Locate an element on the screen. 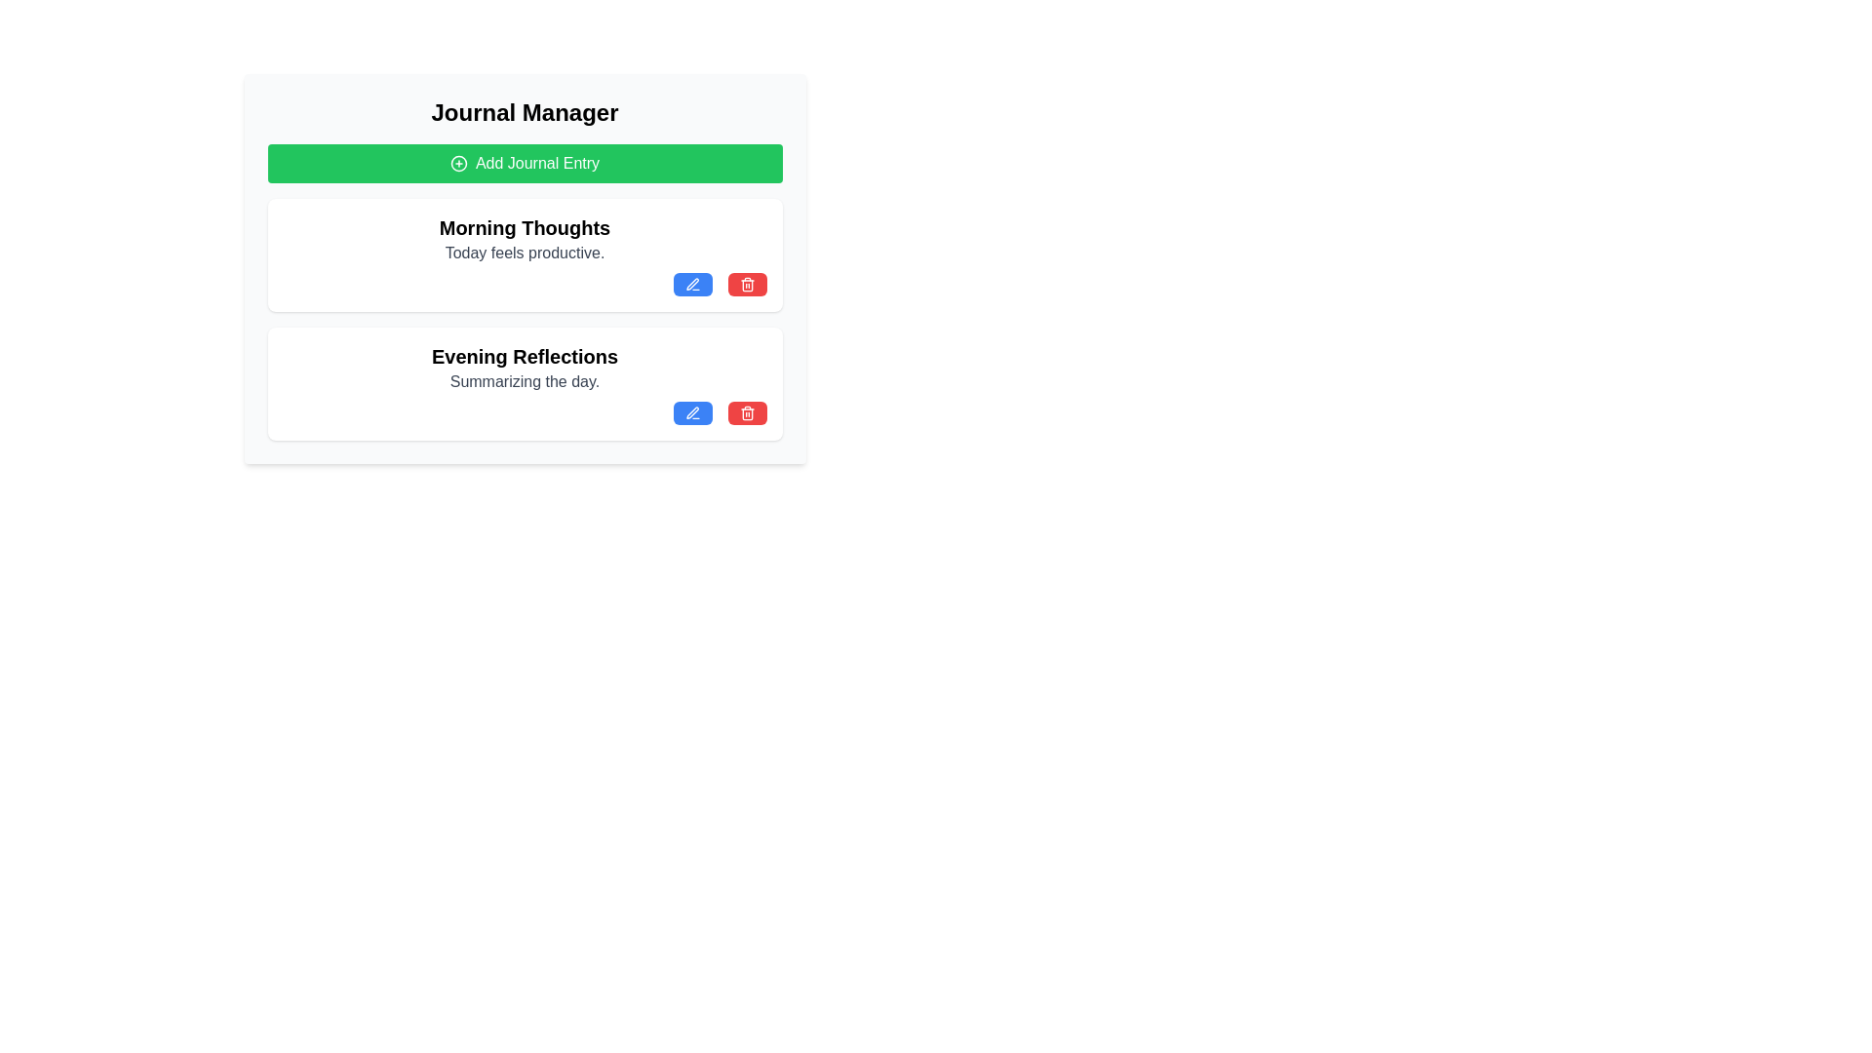 The width and height of the screenshot is (1872, 1053). the small circular icon with a plus sign, which is filled in white and has a green background, located to the left of the 'Add Journal Entry' button is located at coordinates (457, 163).